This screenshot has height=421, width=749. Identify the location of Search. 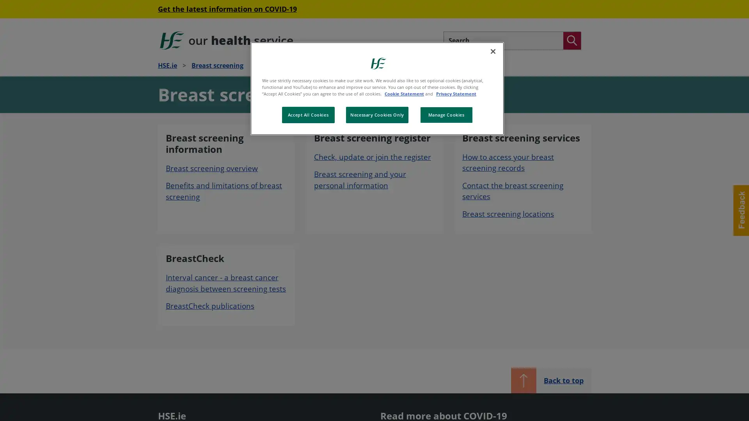
(572, 40).